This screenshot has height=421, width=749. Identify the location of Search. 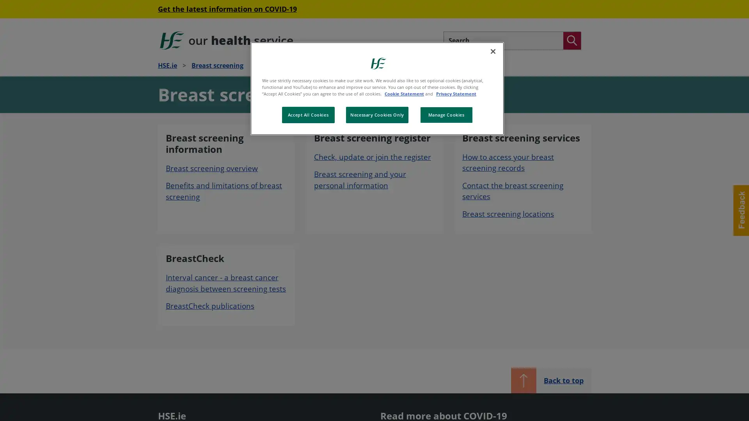
(572, 40).